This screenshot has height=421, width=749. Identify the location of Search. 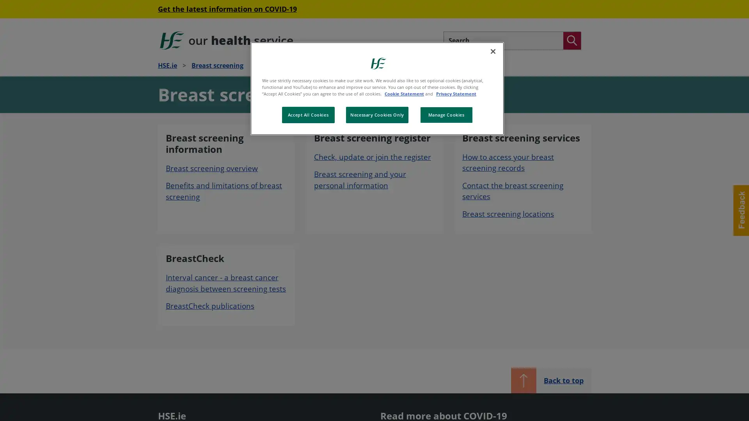
(572, 40).